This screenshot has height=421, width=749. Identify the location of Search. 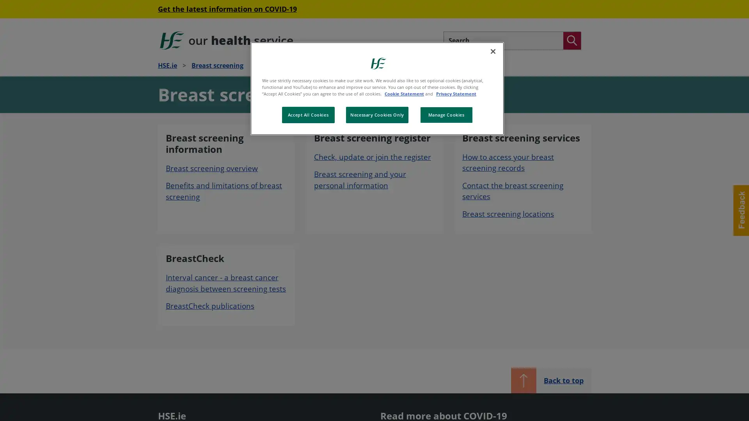
(572, 40).